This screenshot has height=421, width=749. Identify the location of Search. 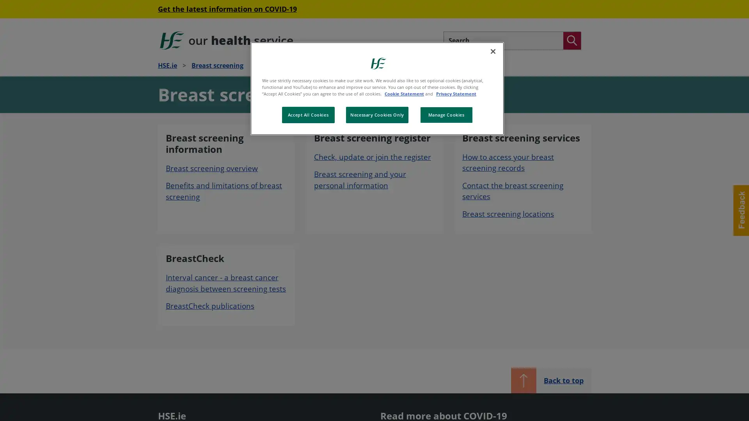
(572, 40).